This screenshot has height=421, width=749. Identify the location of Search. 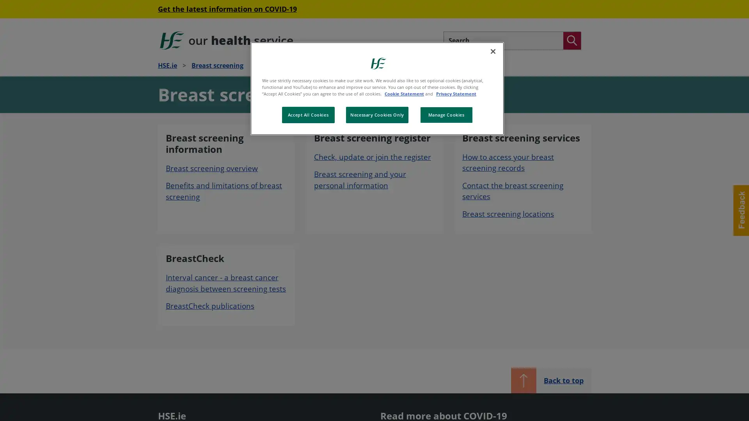
(572, 40).